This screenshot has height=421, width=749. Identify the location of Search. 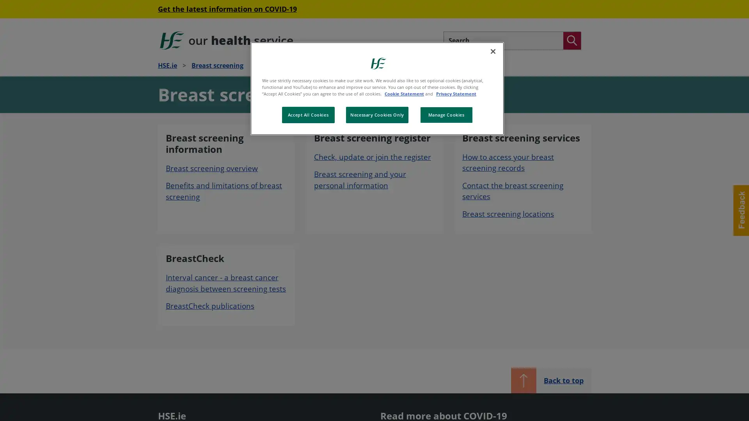
(572, 40).